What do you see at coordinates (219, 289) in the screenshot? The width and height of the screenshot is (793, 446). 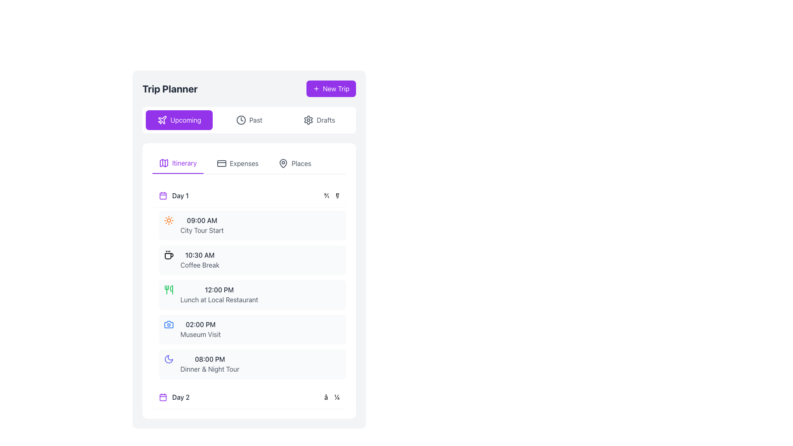 I see `the static text display indicating the time for 'Lunch at Local Restaurant' in the Day 1 section of the trip planner interface` at bounding box center [219, 289].